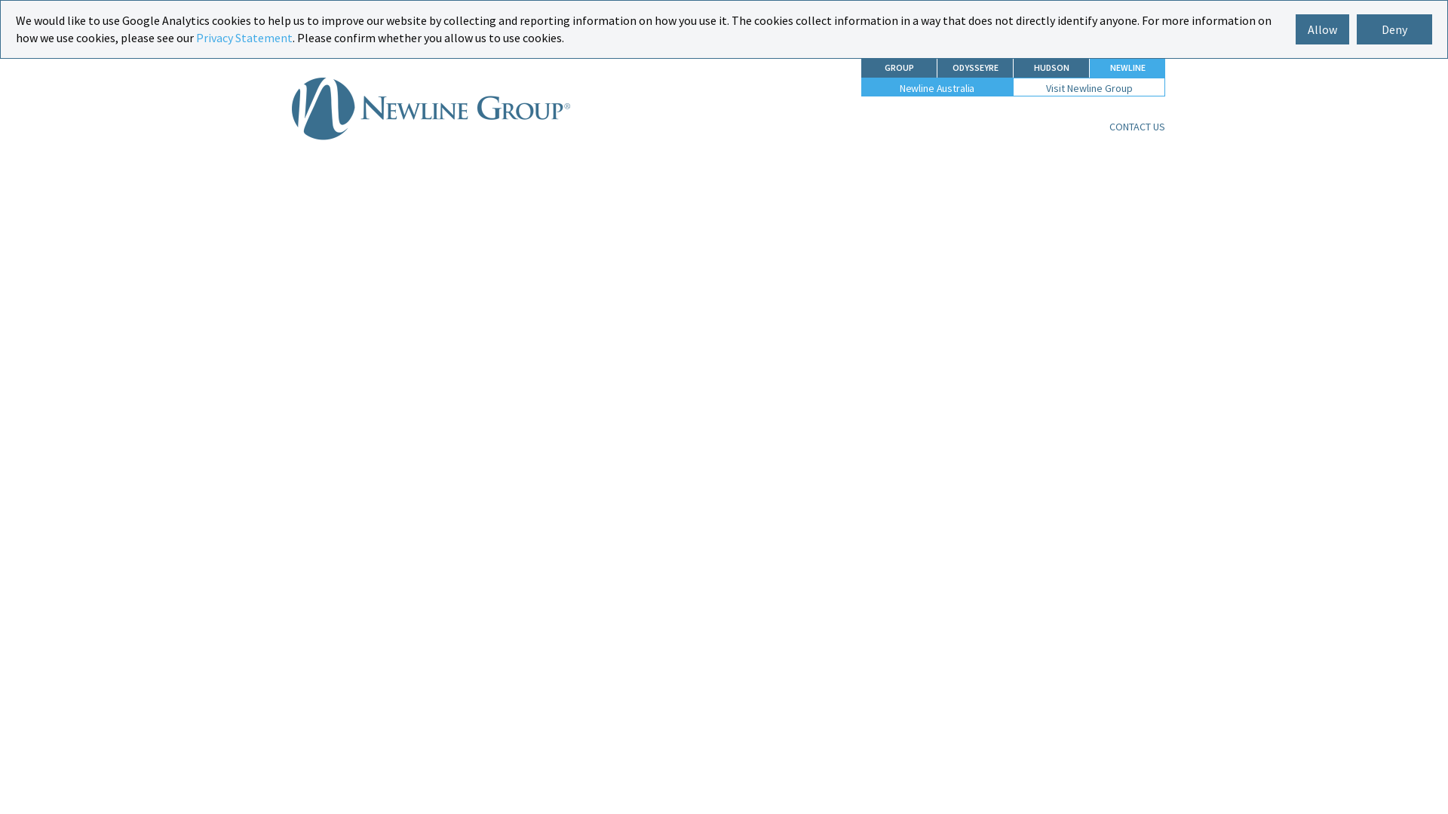  I want to click on 'Allow', so click(1321, 29).